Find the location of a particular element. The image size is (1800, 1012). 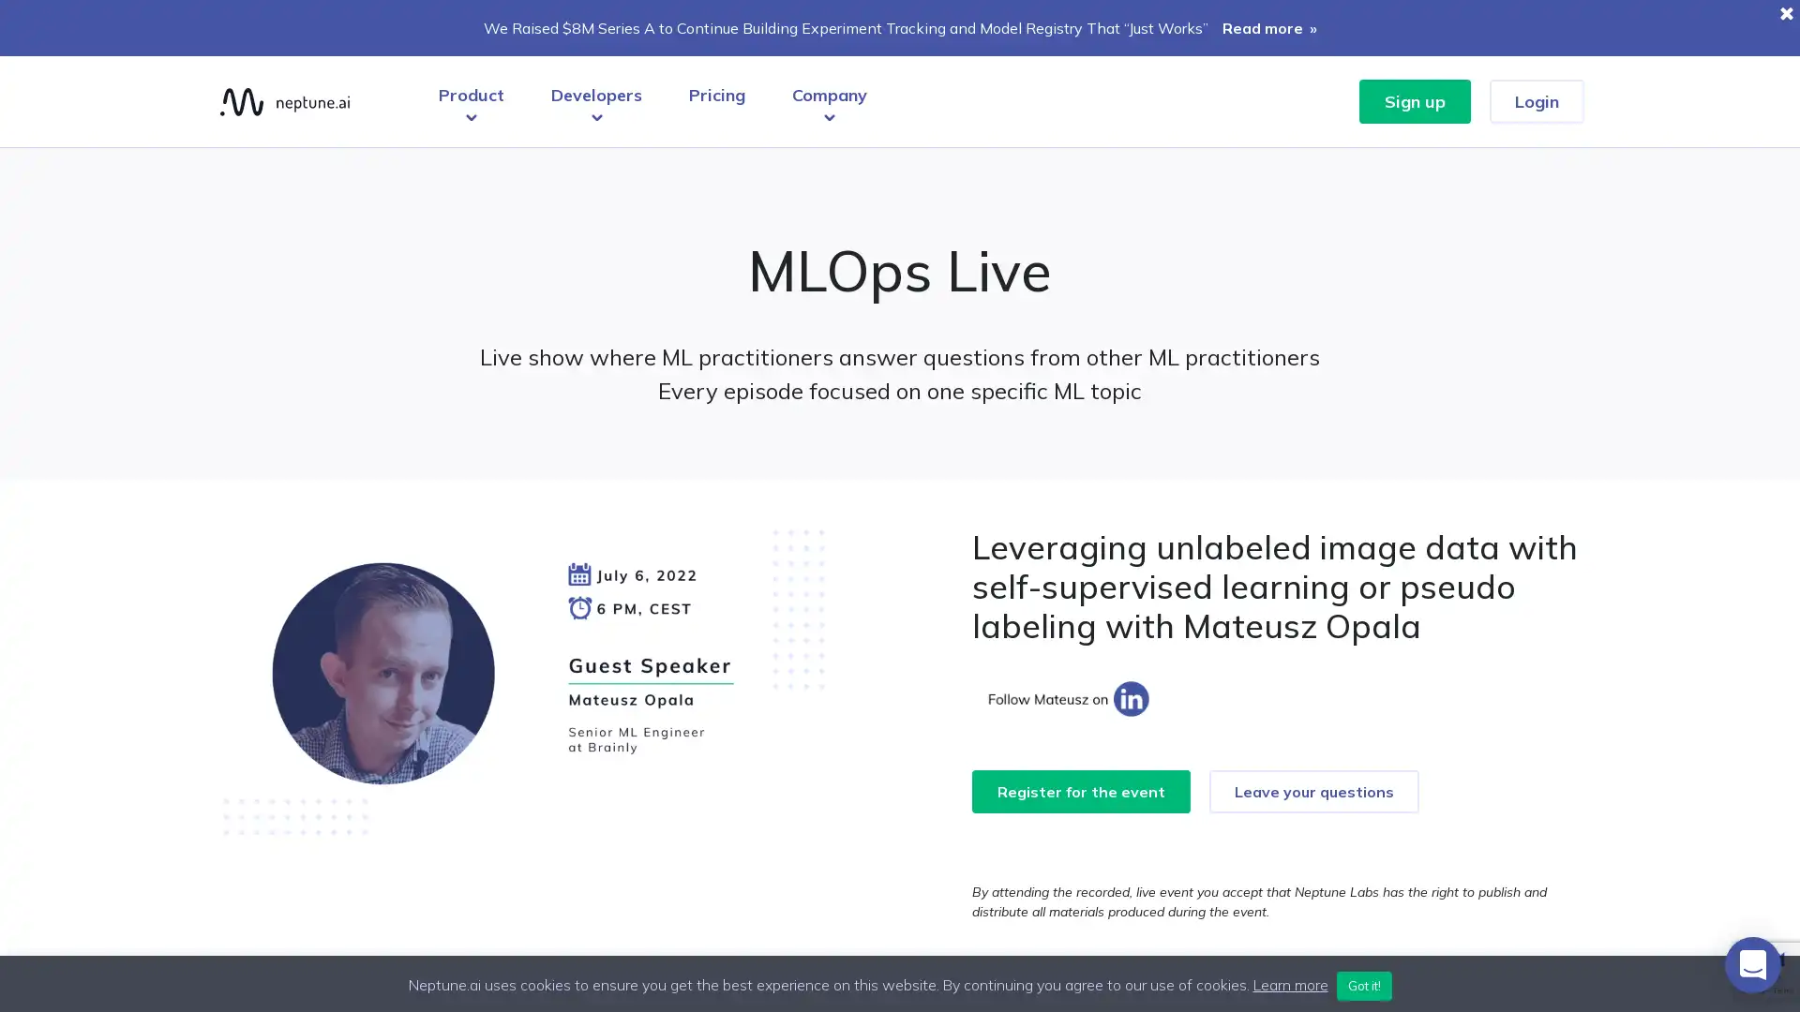

Submit is located at coordinates (900, 607).